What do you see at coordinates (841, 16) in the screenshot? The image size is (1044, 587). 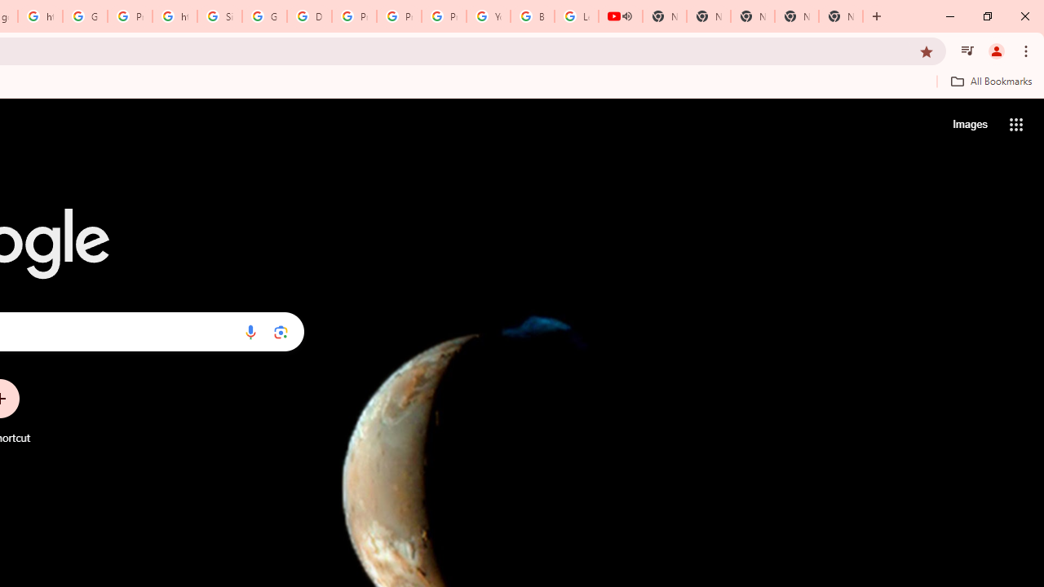 I see `'New Tab'` at bounding box center [841, 16].